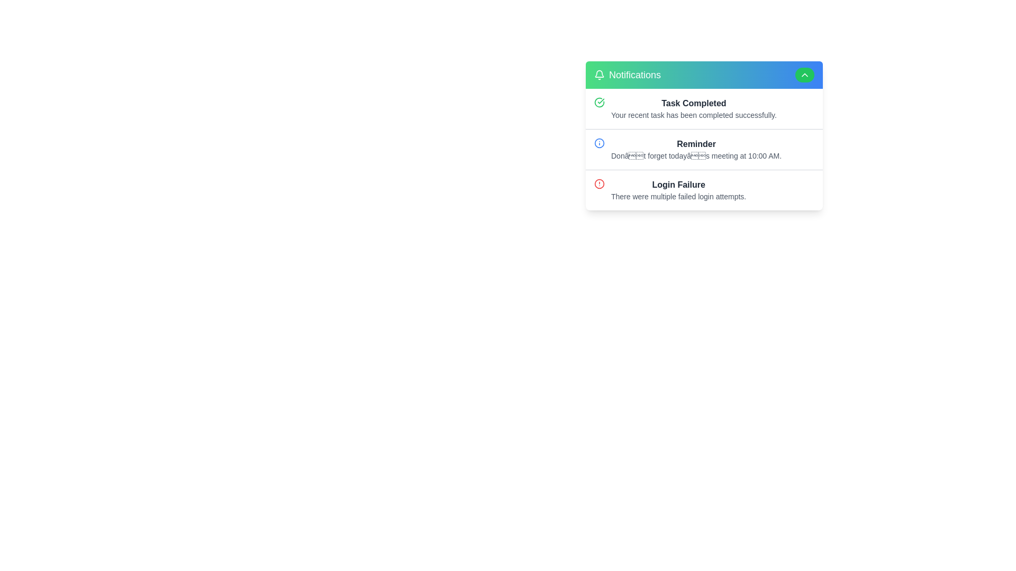 This screenshot has width=1016, height=571. What do you see at coordinates (704, 149) in the screenshot?
I see `the notification card in the Group of Notification Cards` at bounding box center [704, 149].